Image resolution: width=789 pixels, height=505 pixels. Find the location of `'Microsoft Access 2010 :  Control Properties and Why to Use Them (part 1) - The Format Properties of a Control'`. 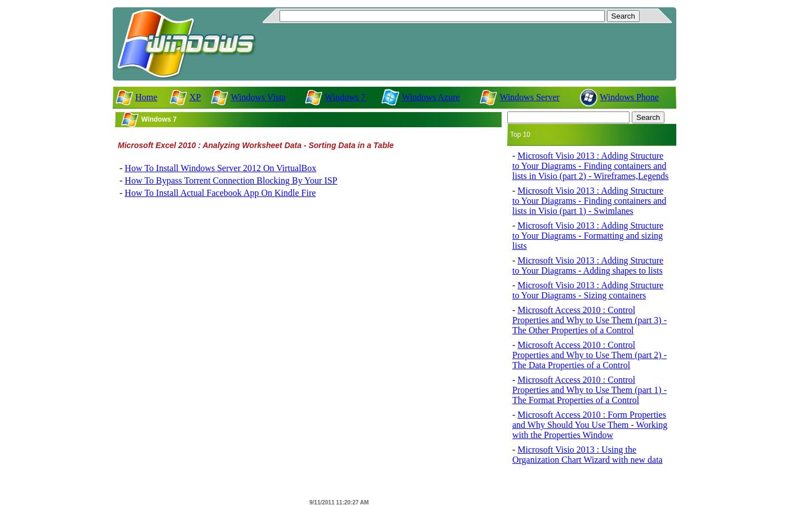

'Microsoft Access 2010 :  Control Properties and Why to Use Them (part 1) - The Format Properties of a Control' is located at coordinates (589, 390).